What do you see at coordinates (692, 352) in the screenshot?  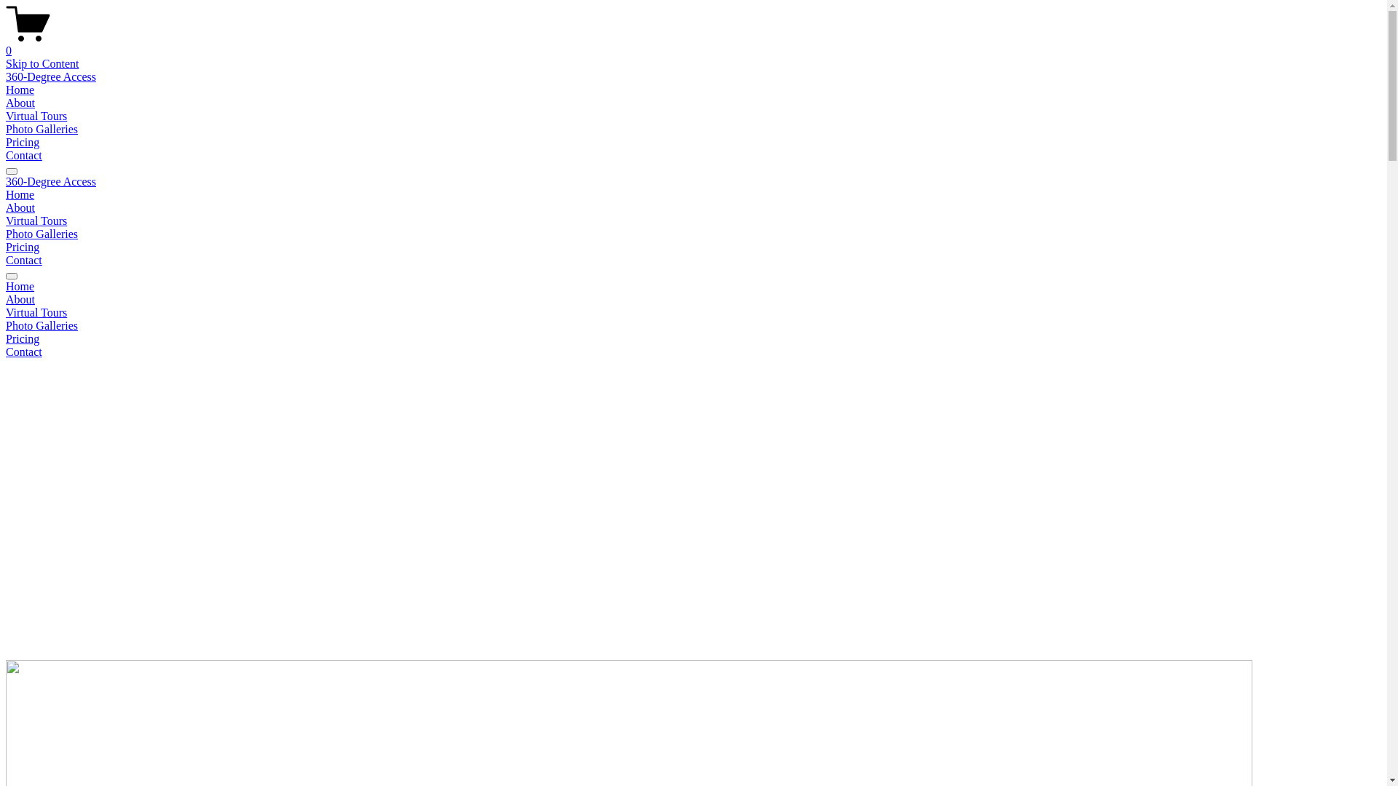 I see `'Contact'` at bounding box center [692, 352].